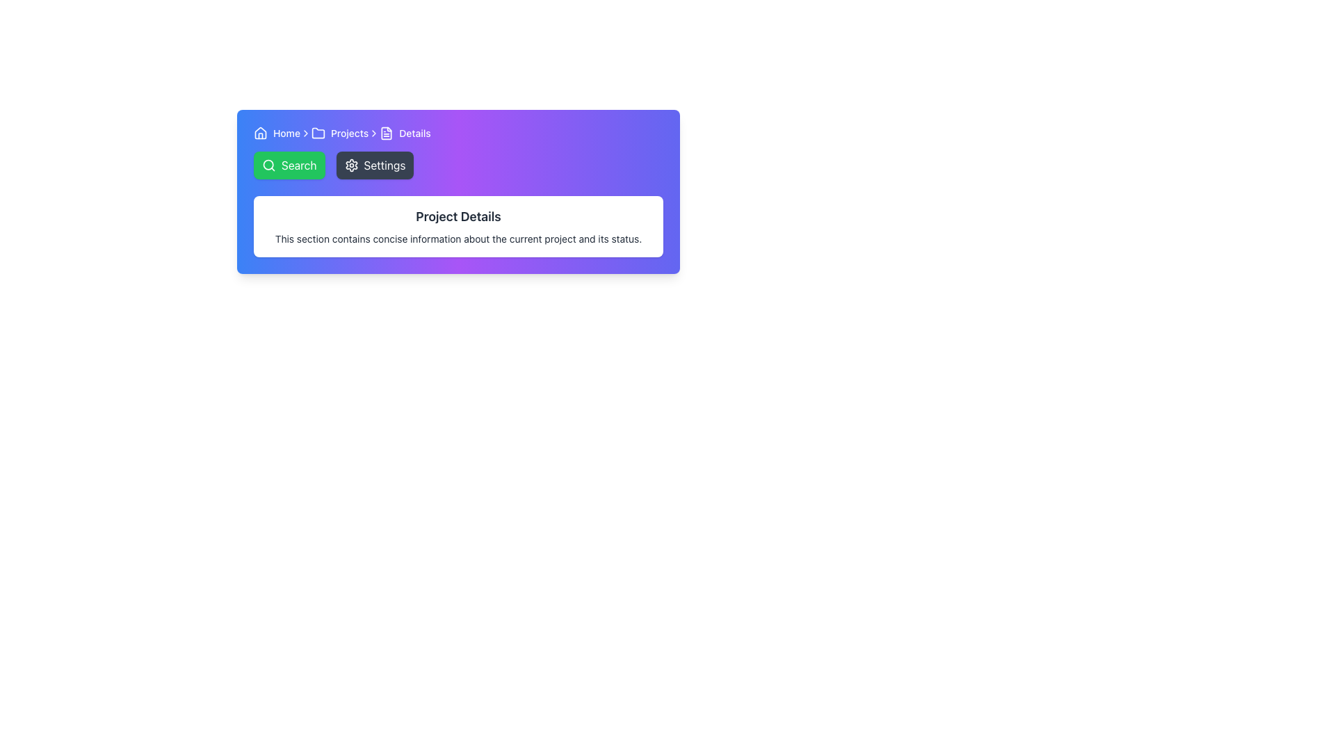 The image size is (1335, 751). I want to click on the 'Projects' breadcrumb navigation item, which features a folder-shaped icon followed by the text 'Projects', located between 'Home' and 'Details', so click(340, 134).